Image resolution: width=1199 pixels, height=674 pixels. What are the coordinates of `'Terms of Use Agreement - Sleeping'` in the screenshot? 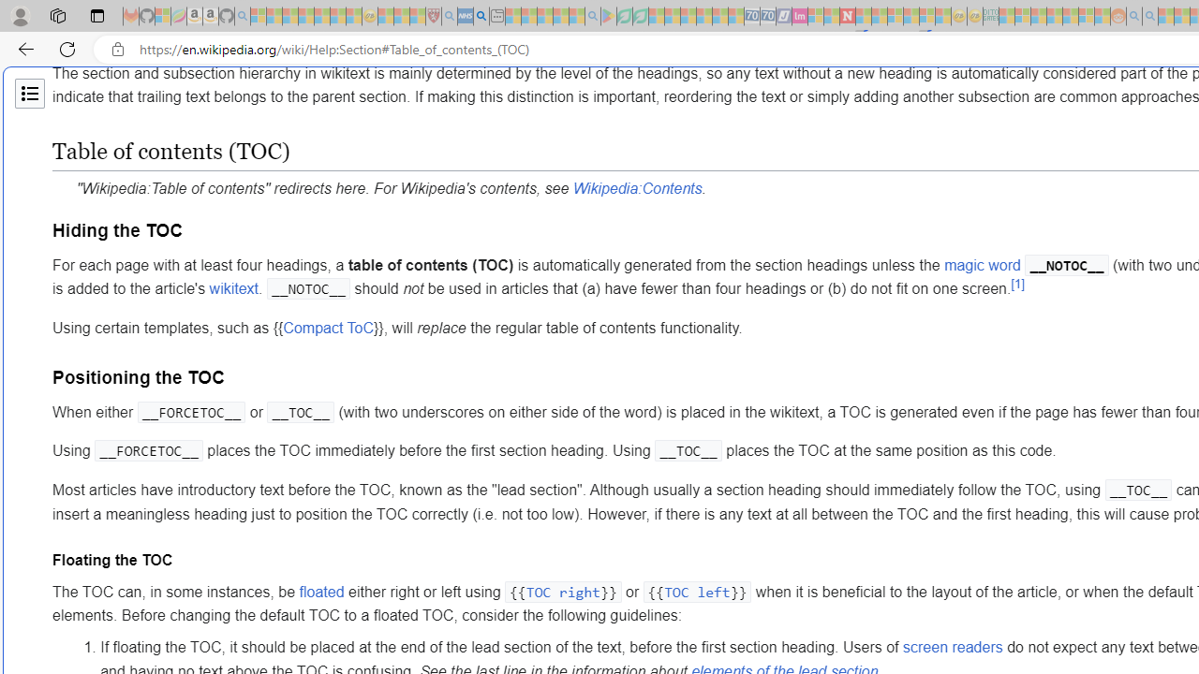 It's located at (624, 16).